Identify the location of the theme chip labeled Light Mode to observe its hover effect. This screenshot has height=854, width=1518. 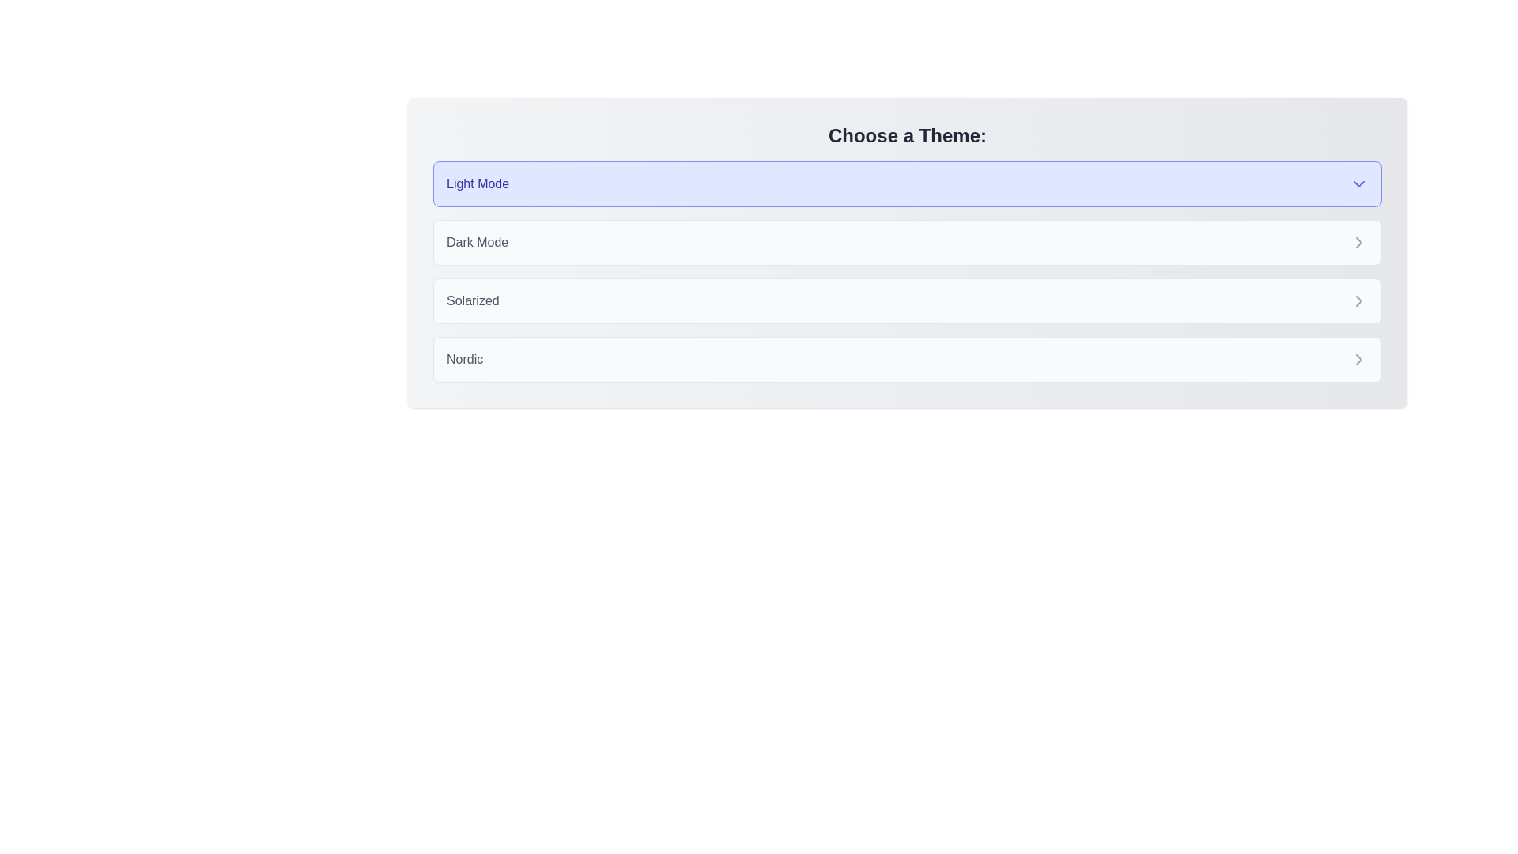
(907, 183).